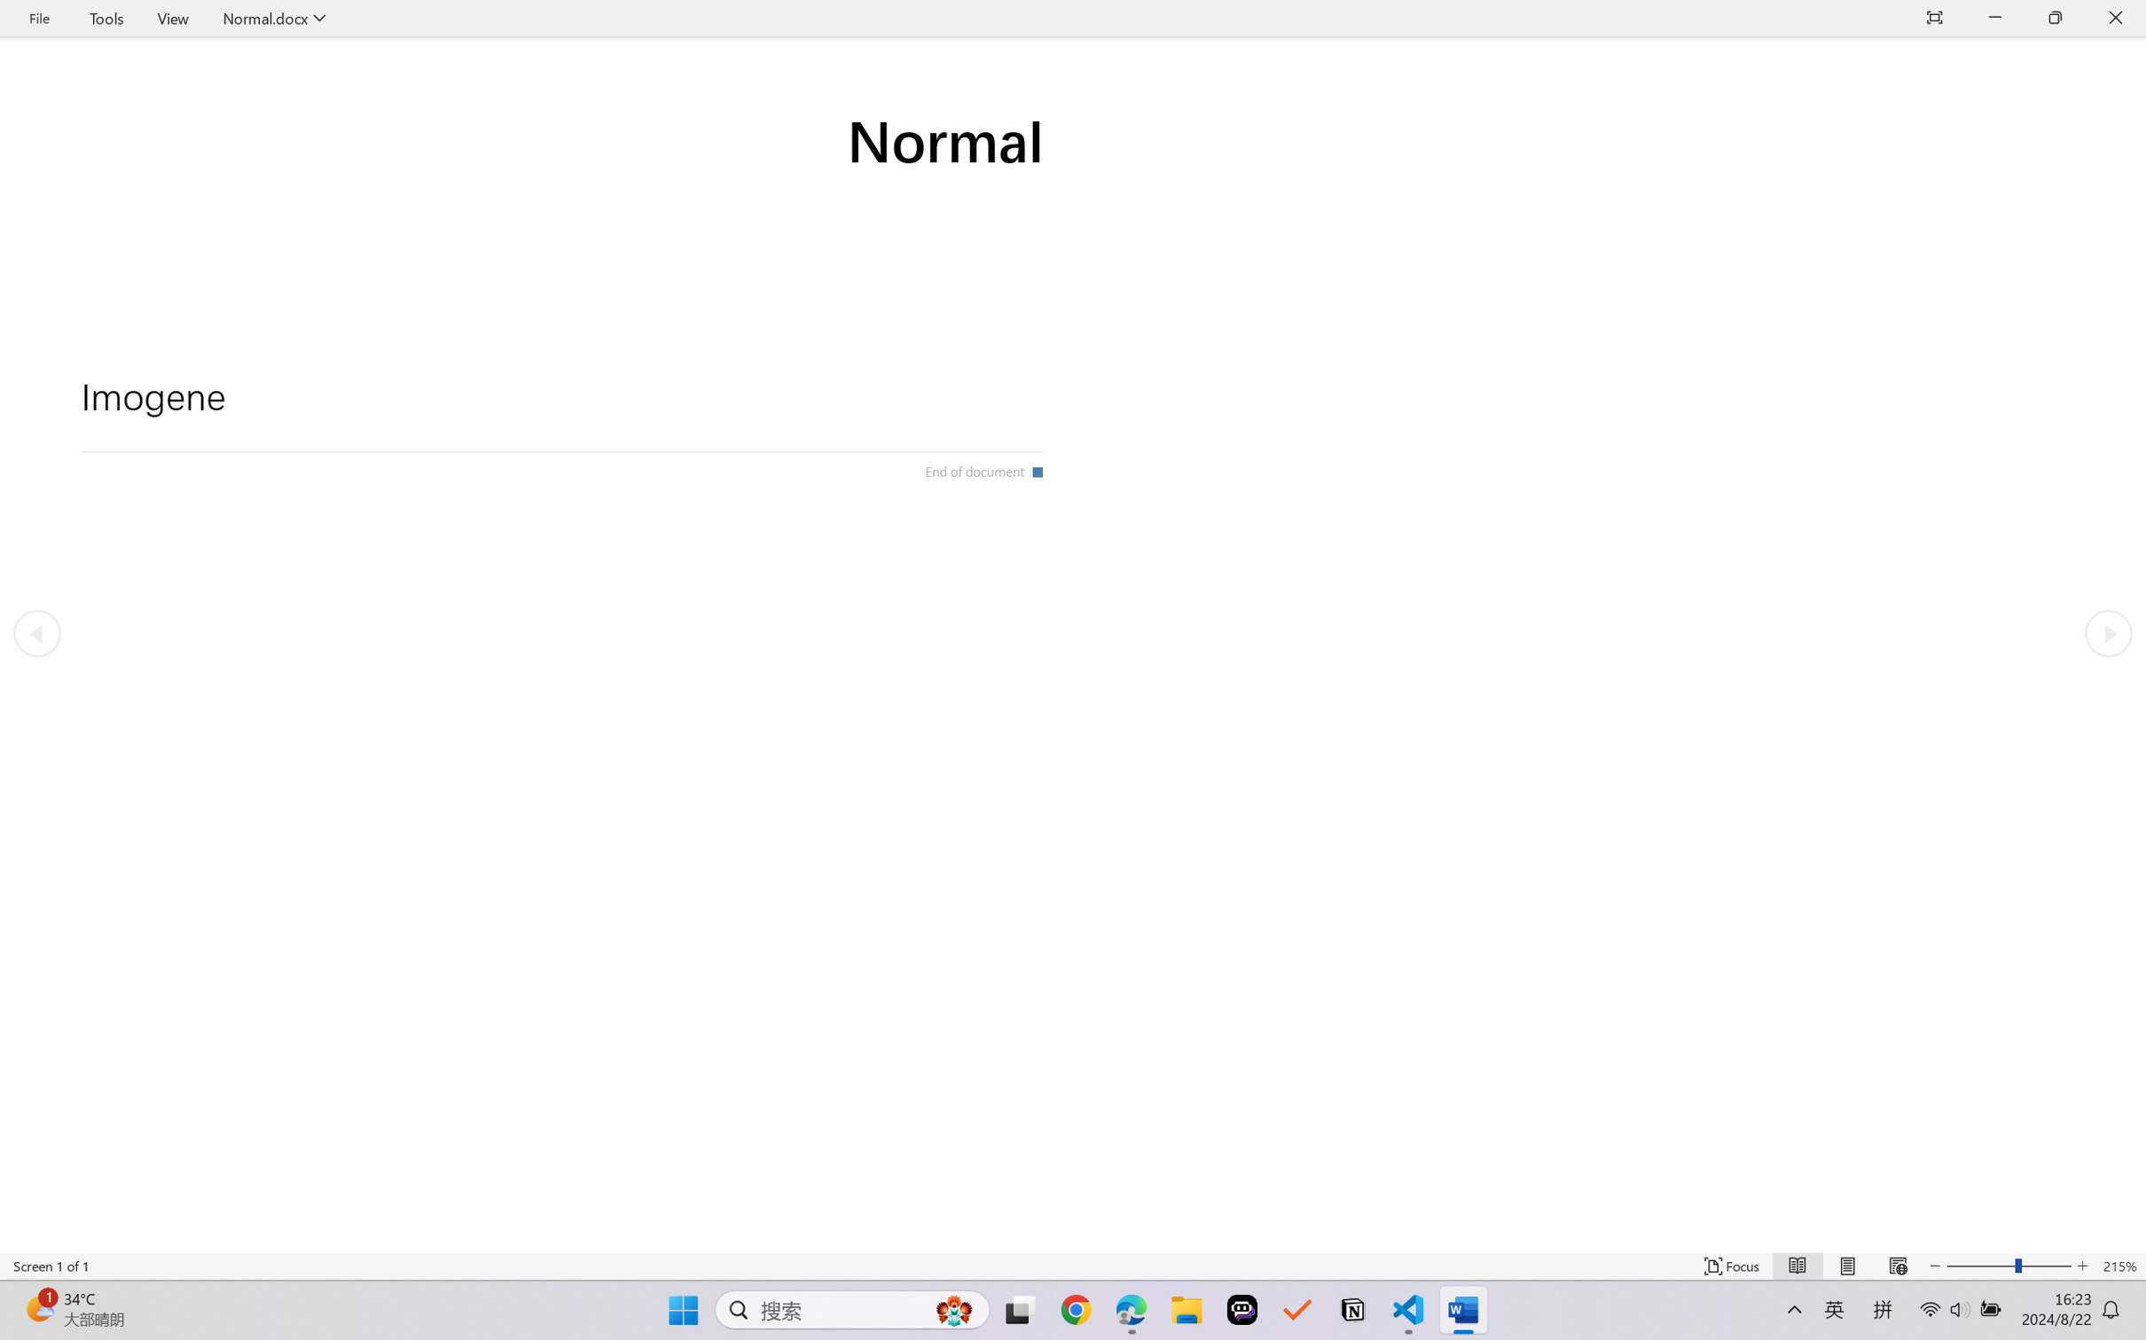 The height and width of the screenshot is (1340, 2146). What do you see at coordinates (1935, 1266) in the screenshot?
I see `'Decrease Text Size'` at bounding box center [1935, 1266].